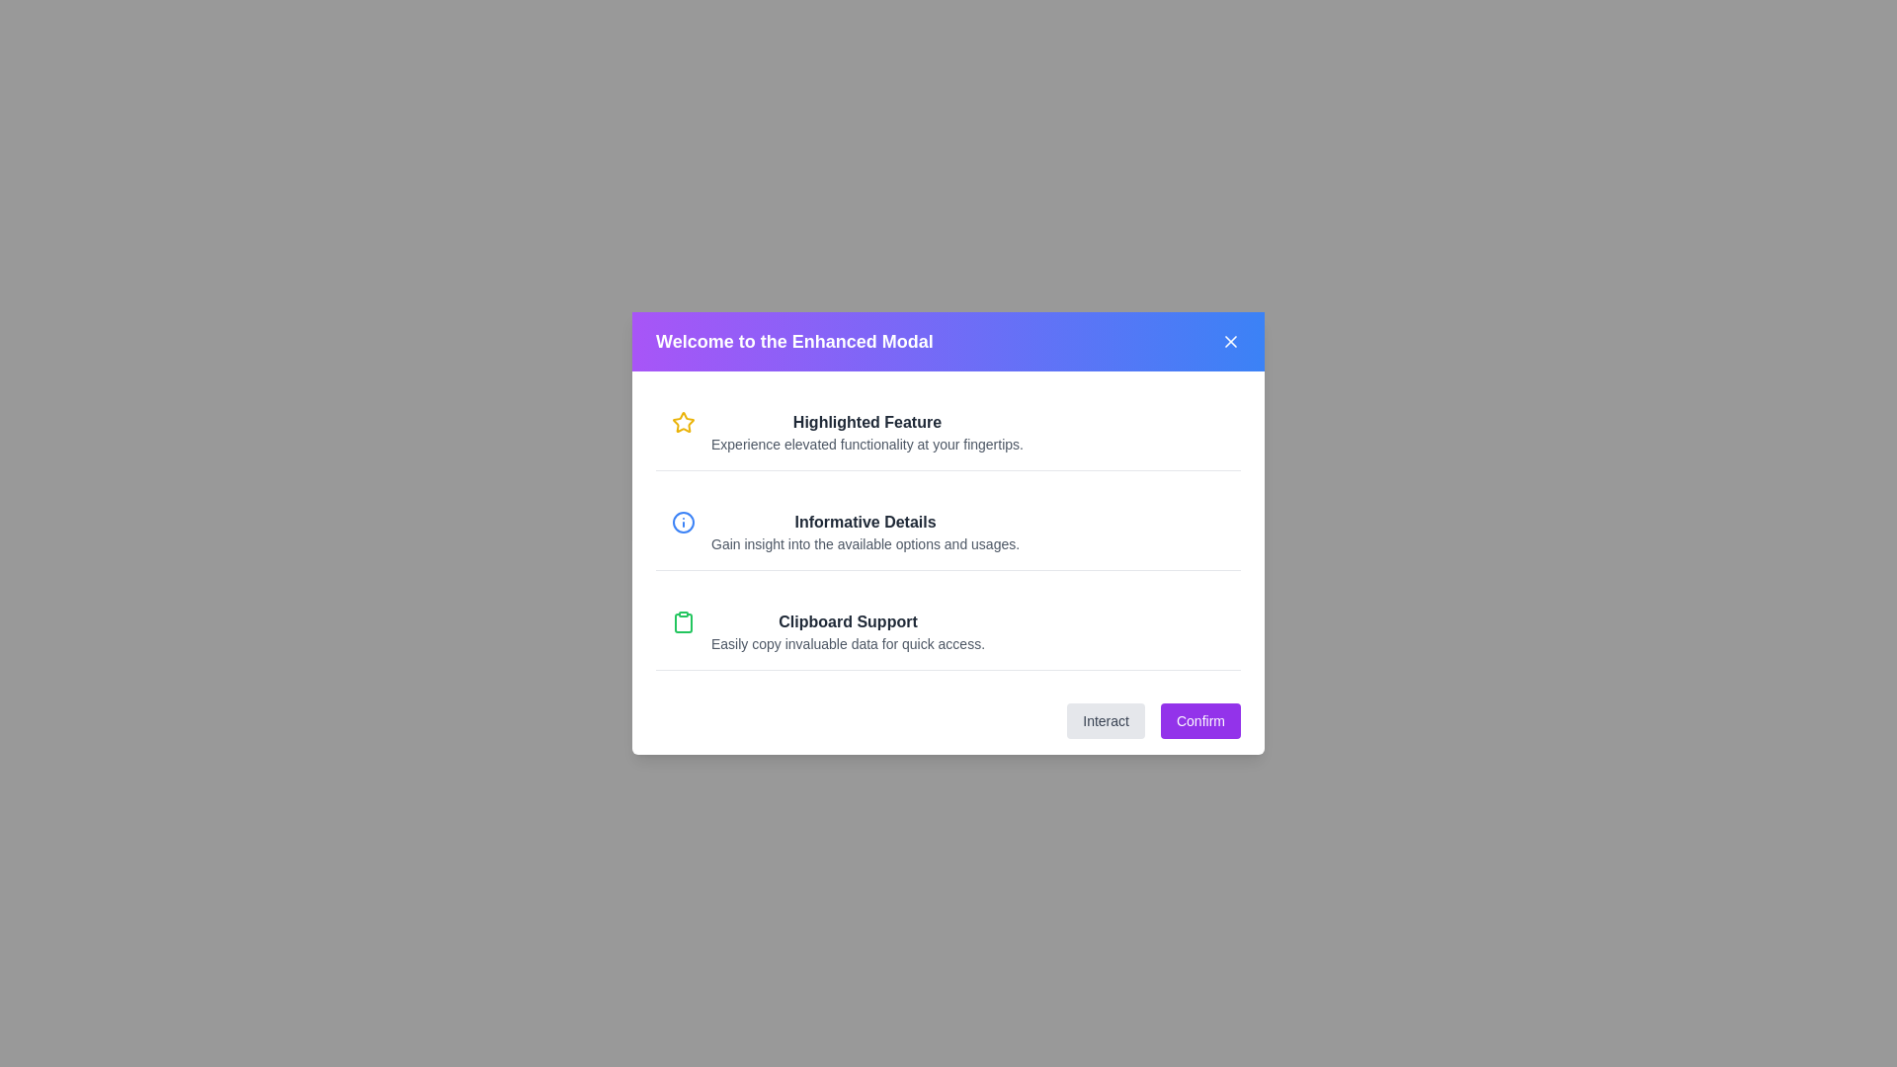 The height and width of the screenshot is (1067, 1897). I want to click on the Informational text block titled 'Informative Details' which contains the subtitle 'Gain insight into the available options and usages.' and an icon with 'i' to read the text, so click(948, 532).